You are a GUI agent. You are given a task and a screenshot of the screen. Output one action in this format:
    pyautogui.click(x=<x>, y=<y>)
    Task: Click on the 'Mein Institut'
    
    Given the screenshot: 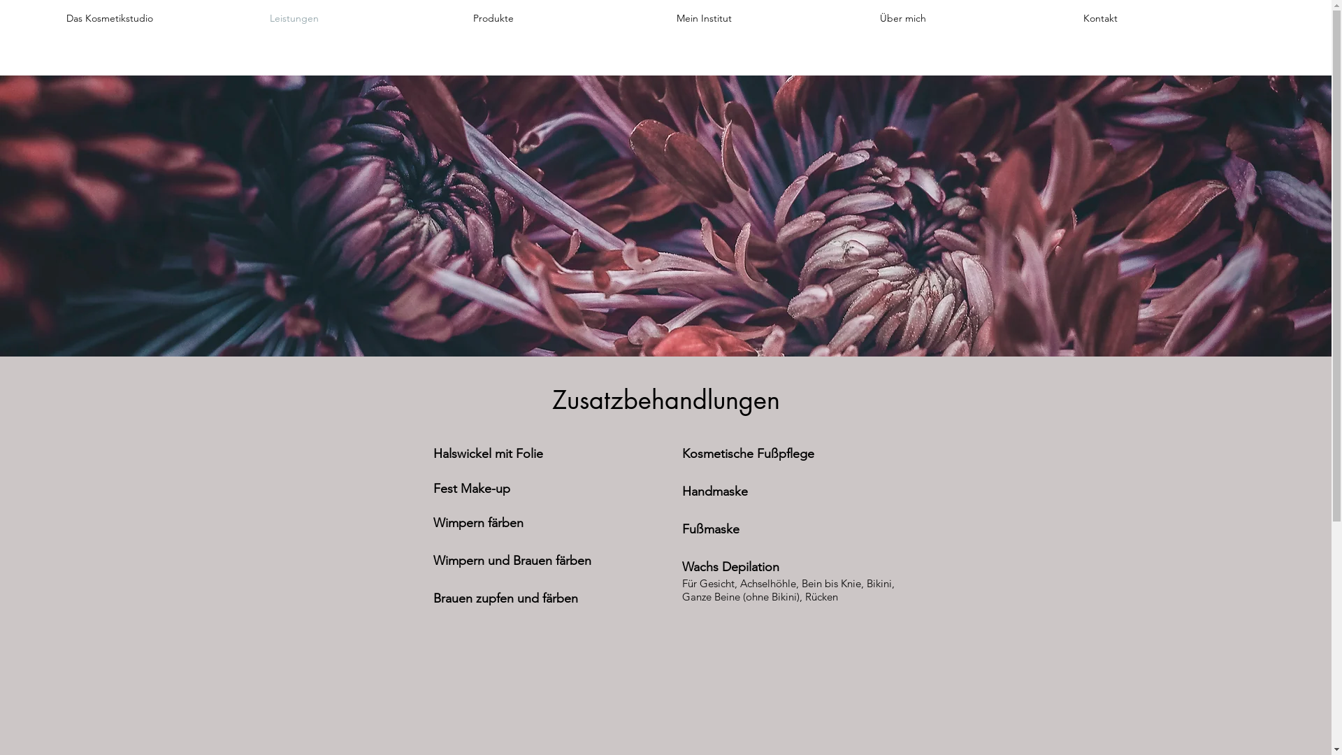 What is the action you would take?
    pyautogui.click(x=665, y=18)
    